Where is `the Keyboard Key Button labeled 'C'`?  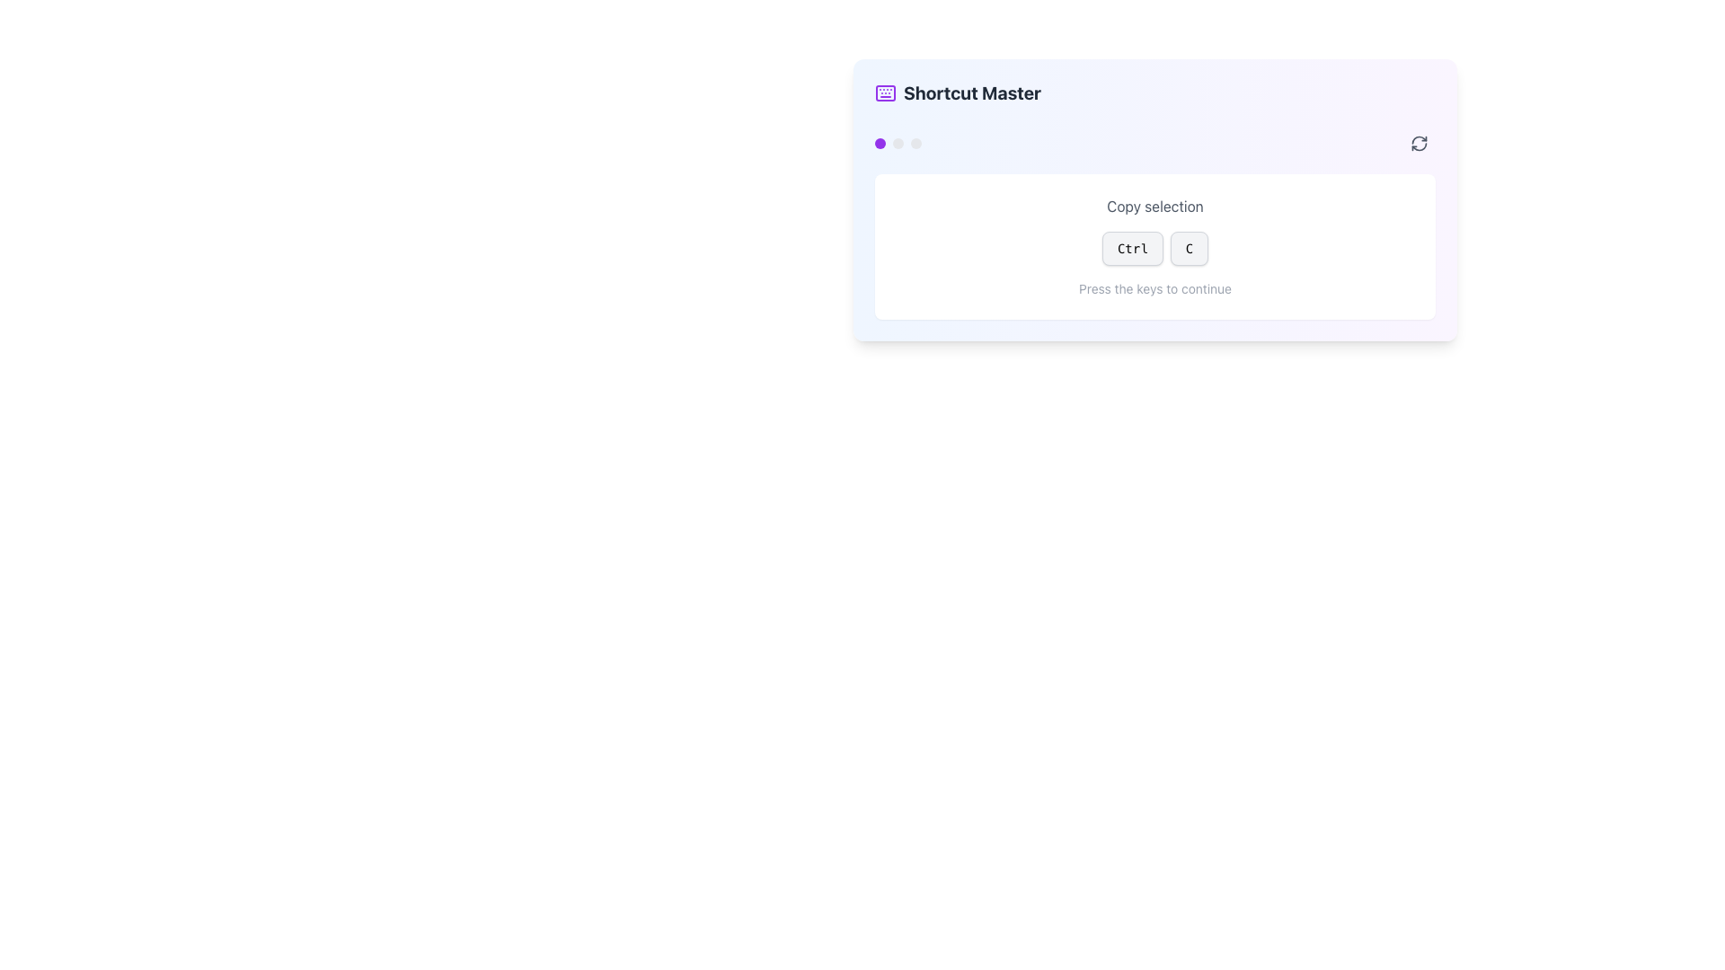
the Keyboard Key Button labeled 'C' is located at coordinates (1189, 249).